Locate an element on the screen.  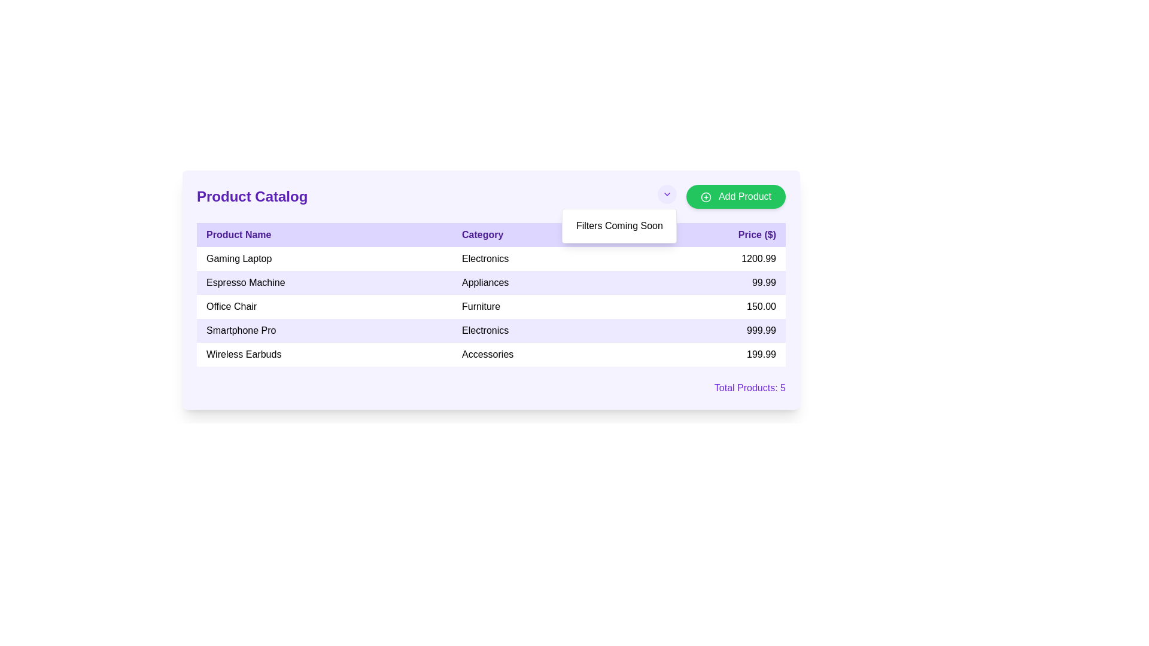
the circular violet button with a downward-facing arrow icon is located at coordinates (666, 193).